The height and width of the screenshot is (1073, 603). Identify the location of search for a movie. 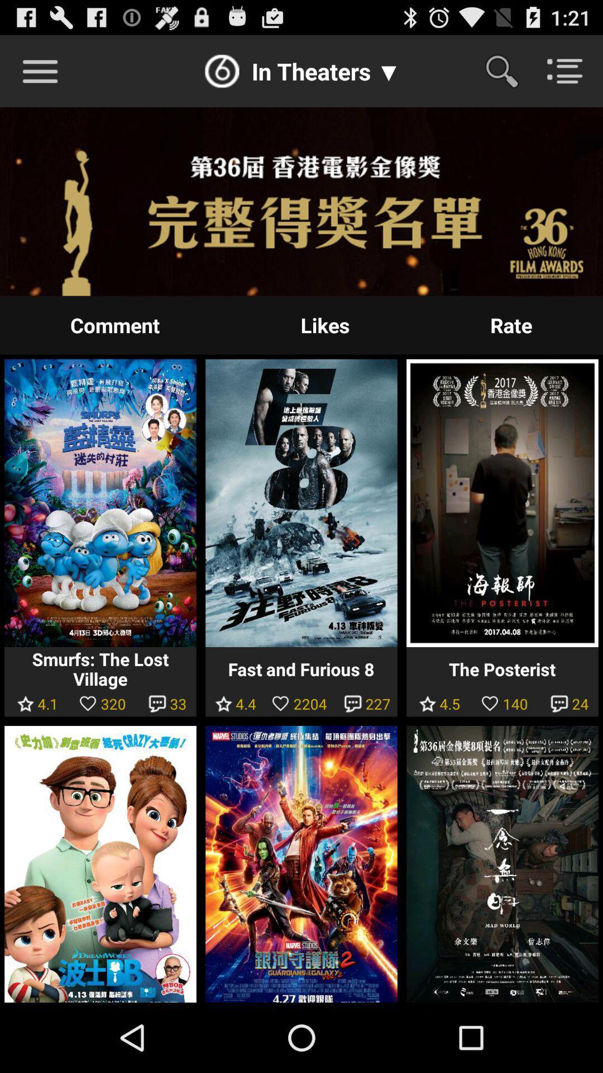
(509, 70).